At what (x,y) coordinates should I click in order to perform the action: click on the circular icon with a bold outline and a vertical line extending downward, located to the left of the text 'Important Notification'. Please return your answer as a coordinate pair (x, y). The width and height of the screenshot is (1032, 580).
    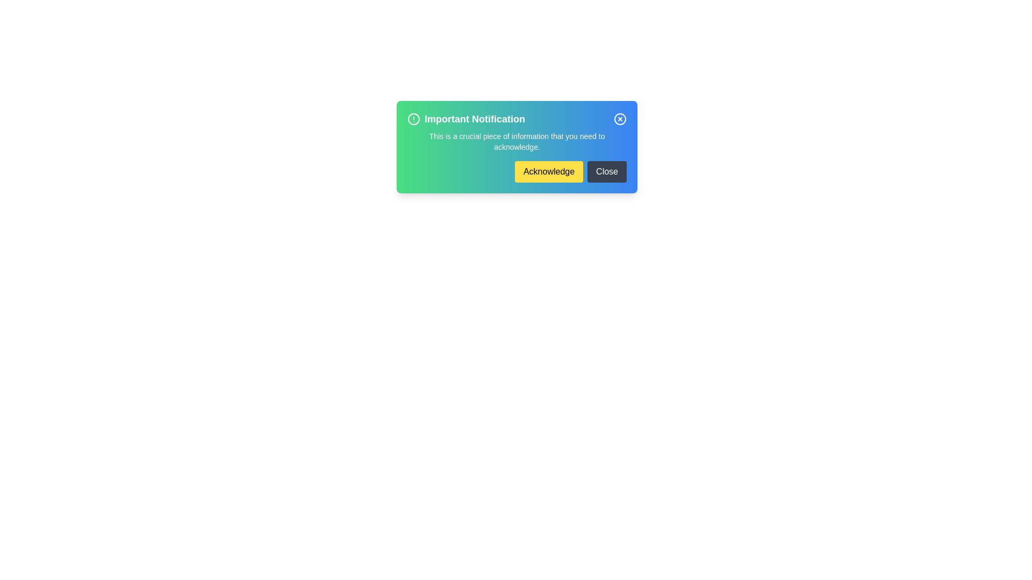
    Looking at the image, I should click on (413, 119).